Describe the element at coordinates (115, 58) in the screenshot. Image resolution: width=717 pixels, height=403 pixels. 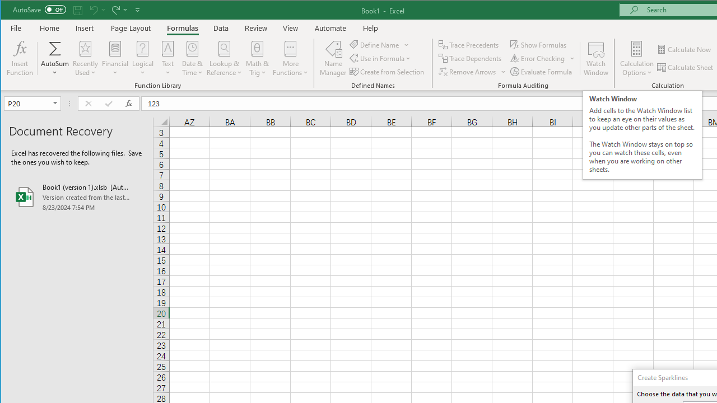
I see `'Financial'` at that location.